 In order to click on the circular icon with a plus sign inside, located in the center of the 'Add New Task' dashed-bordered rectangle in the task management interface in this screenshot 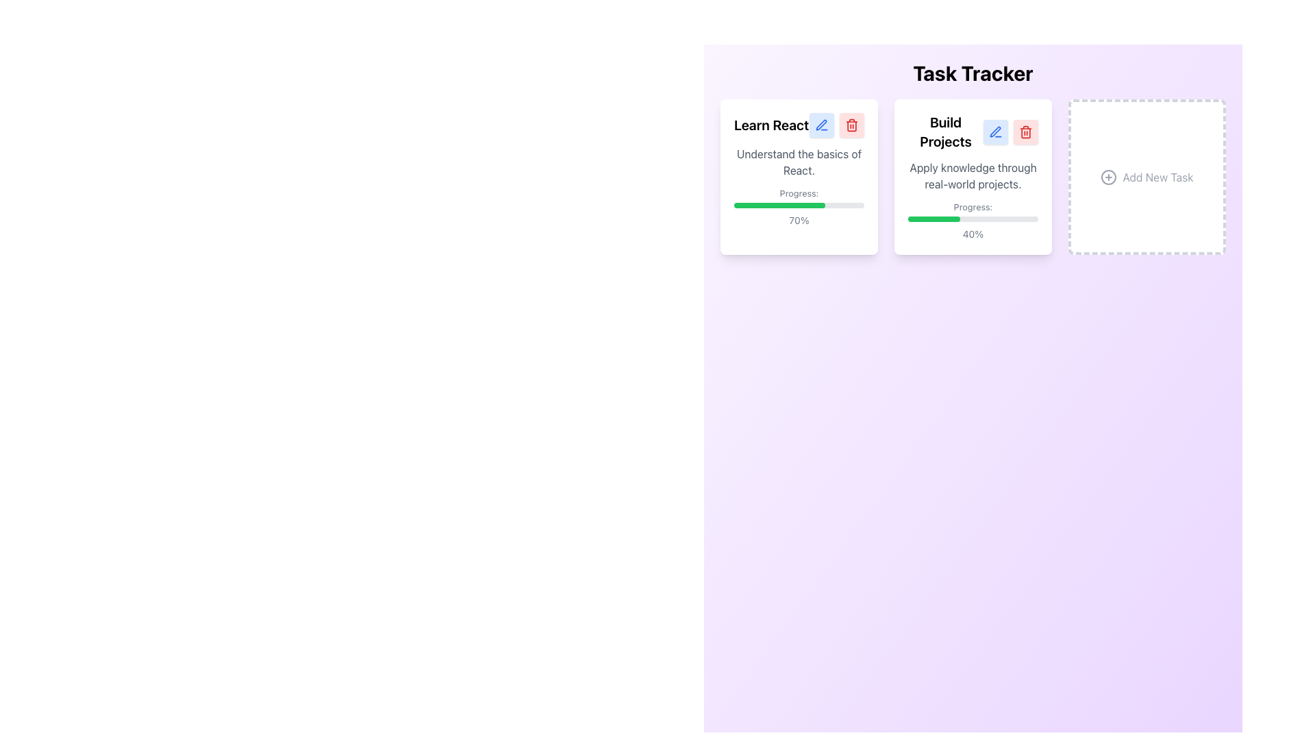, I will do `click(1109, 176)`.